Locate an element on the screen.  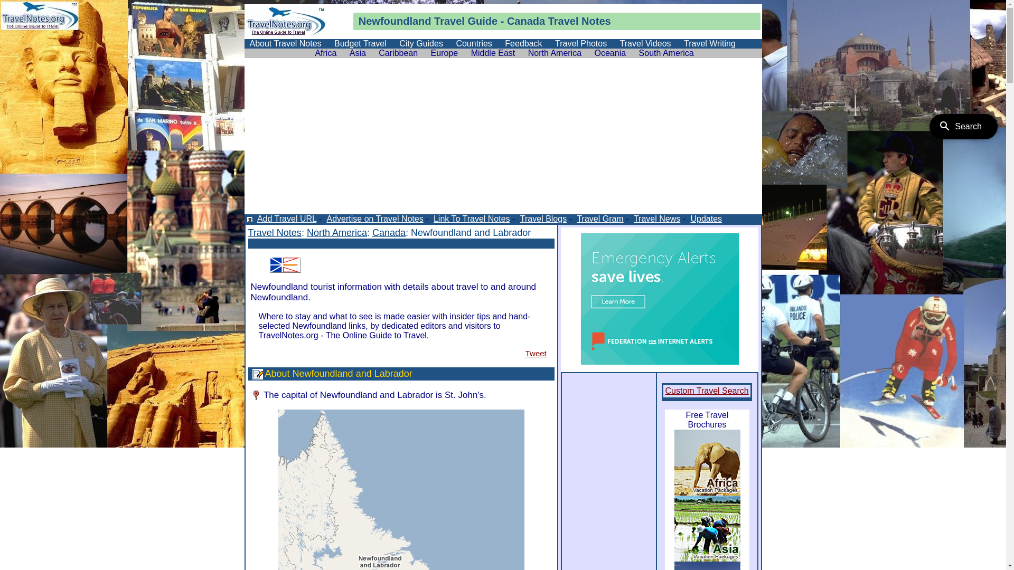
'South America' is located at coordinates (634, 53).